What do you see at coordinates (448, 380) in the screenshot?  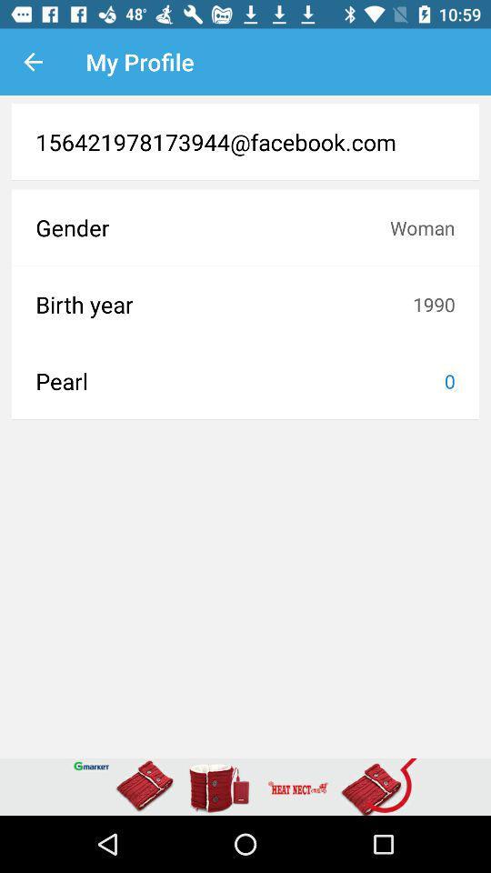 I see `0 icon` at bounding box center [448, 380].